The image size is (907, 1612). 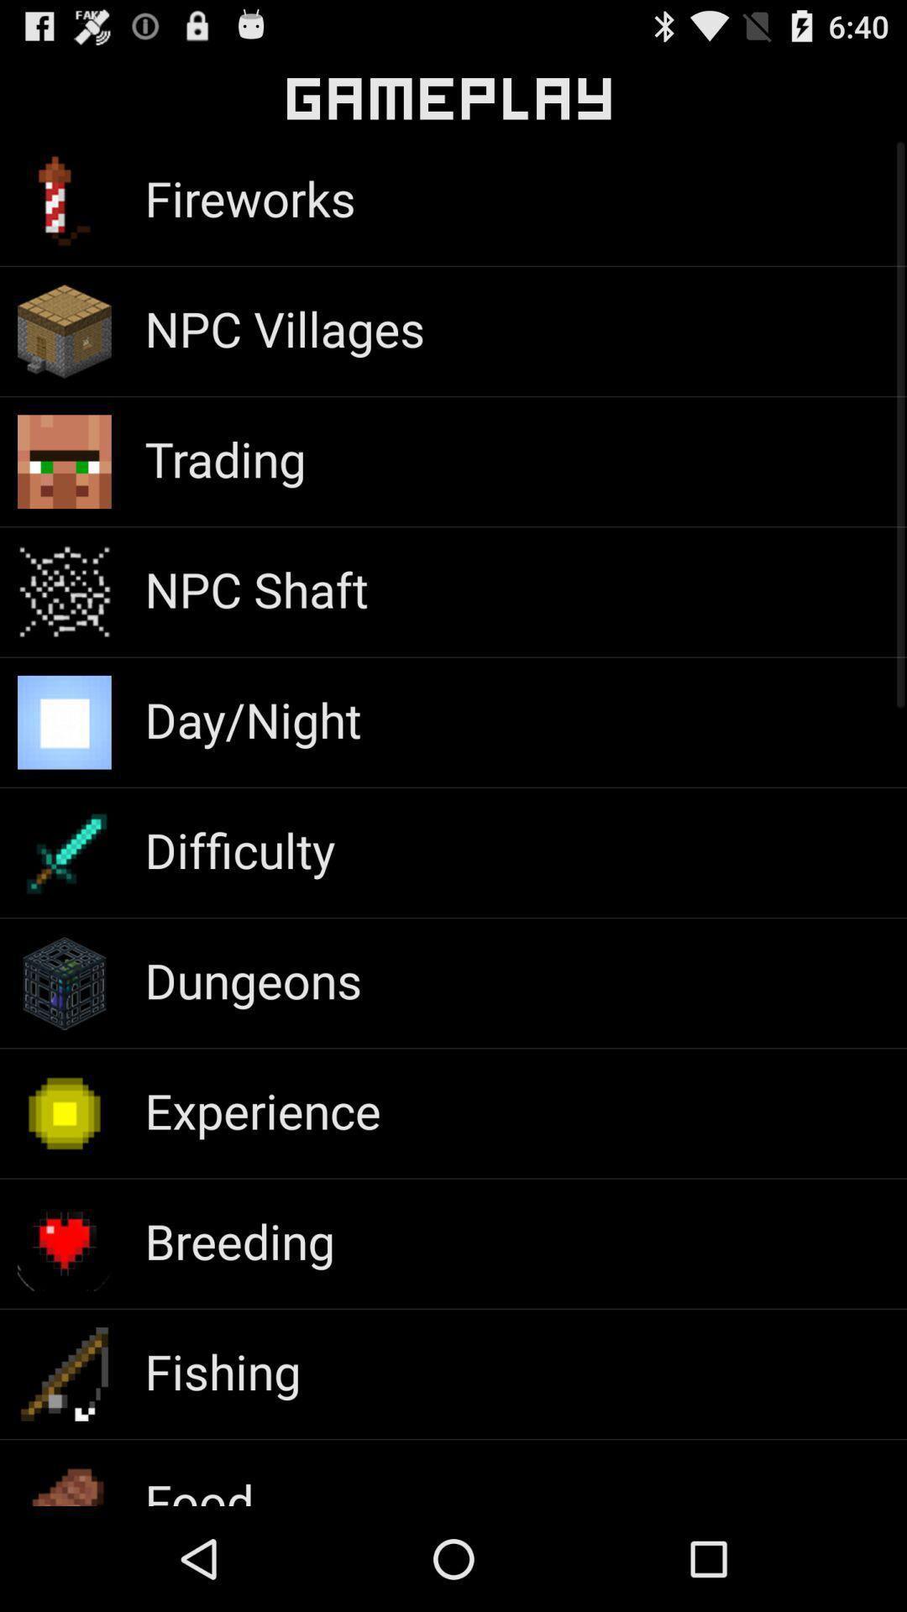 I want to click on icon below breeding, so click(x=222, y=1371).